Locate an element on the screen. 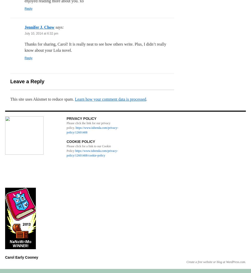 This screenshot has height=273, width=251. 'Create a free website or blog at WordPress.com.' is located at coordinates (216, 262).